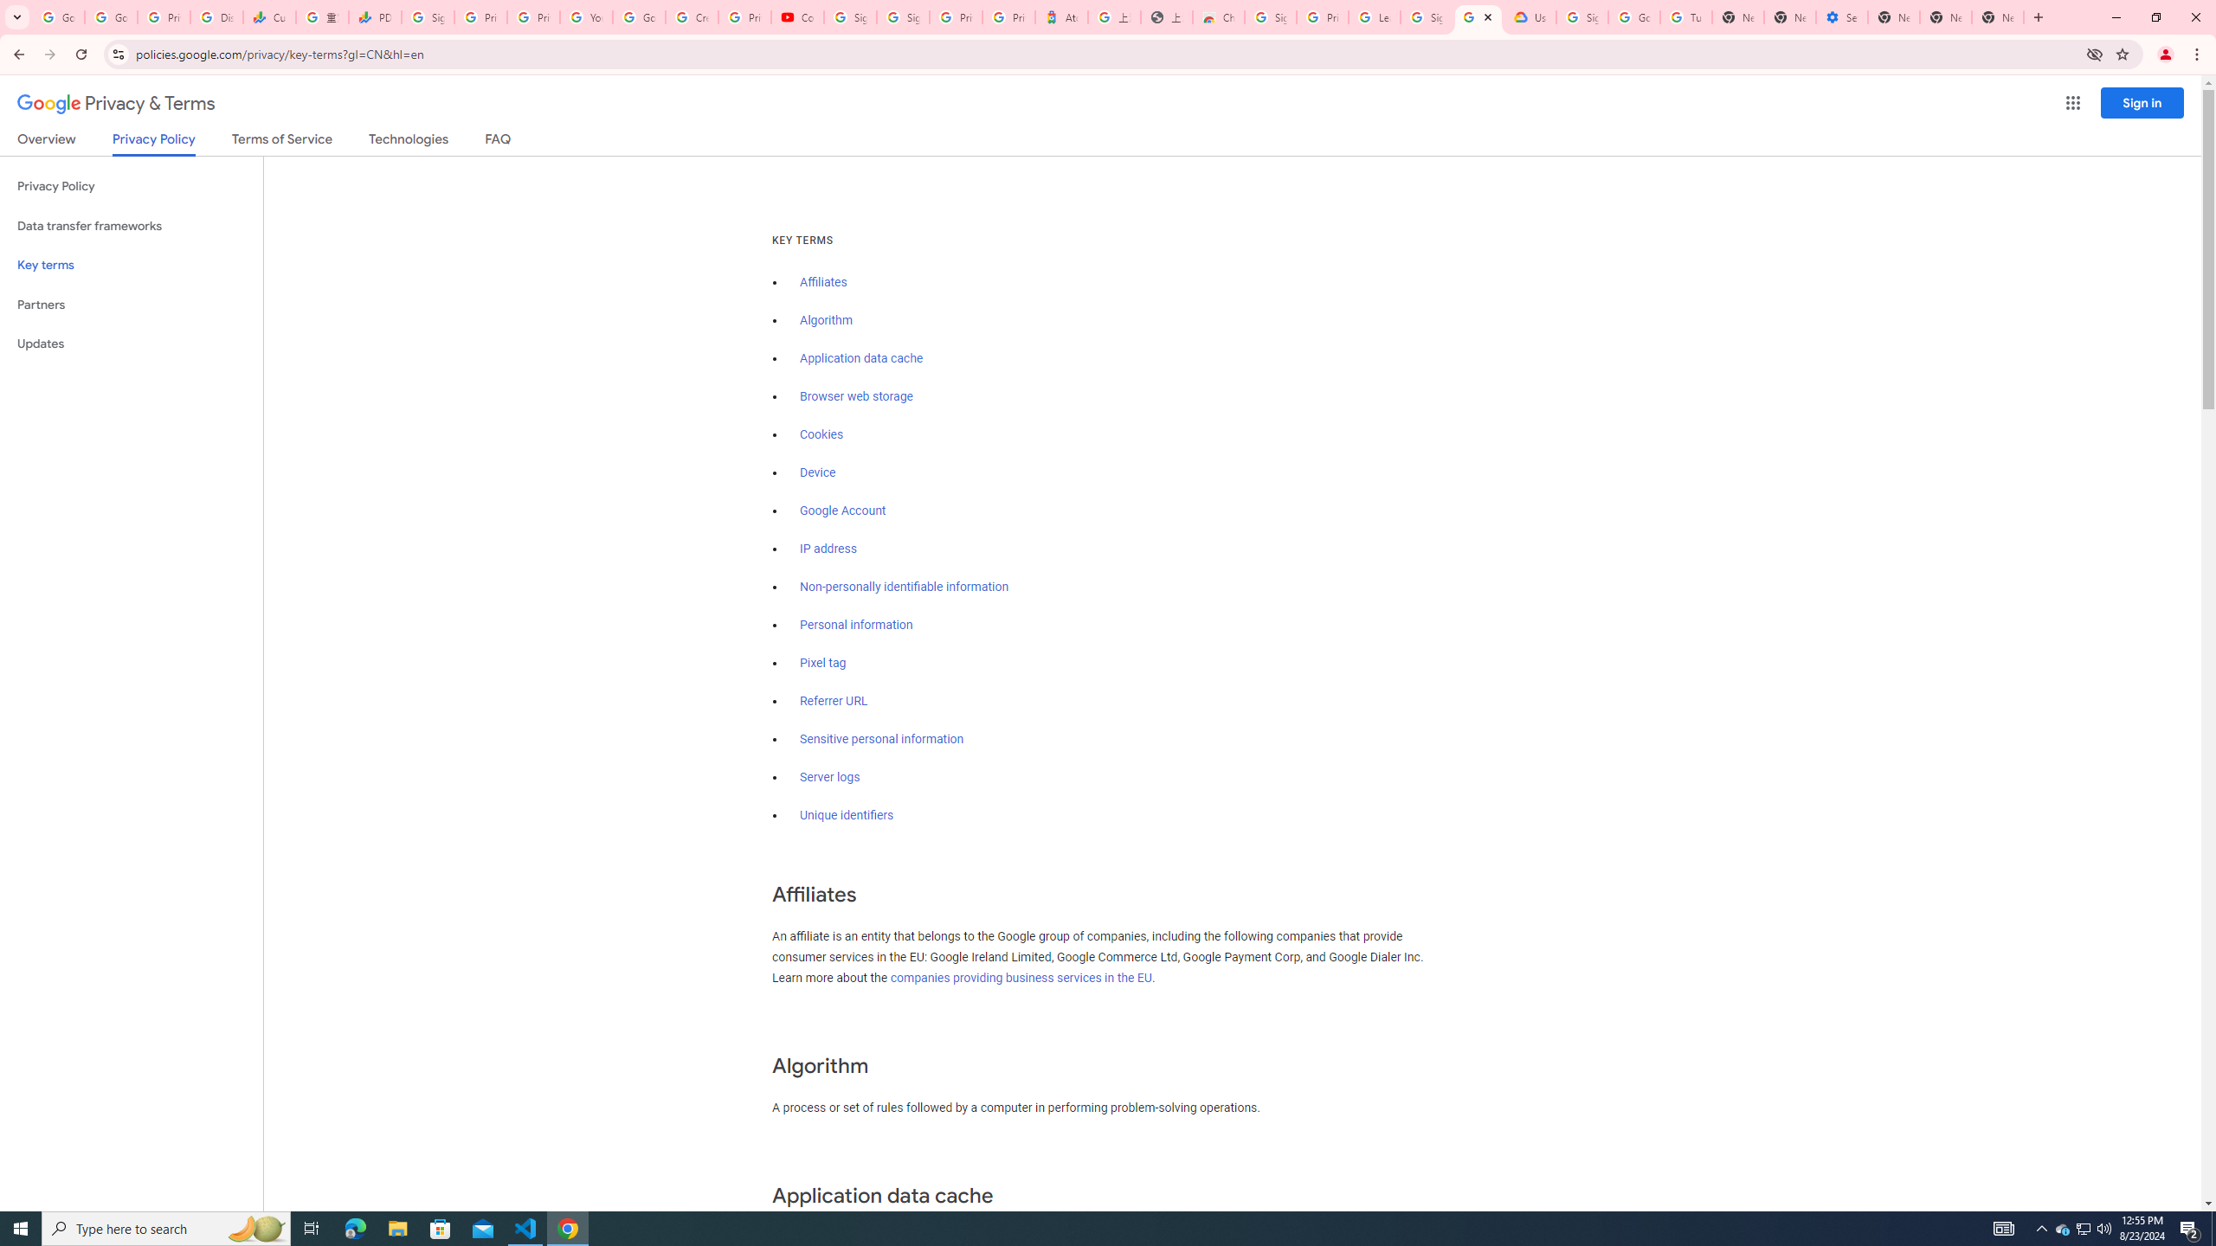 This screenshot has width=2216, height=1246. Describe the element at coordinates (903, 586) in the screenshot. I see `'Non-personally identifiable information'` at that location.